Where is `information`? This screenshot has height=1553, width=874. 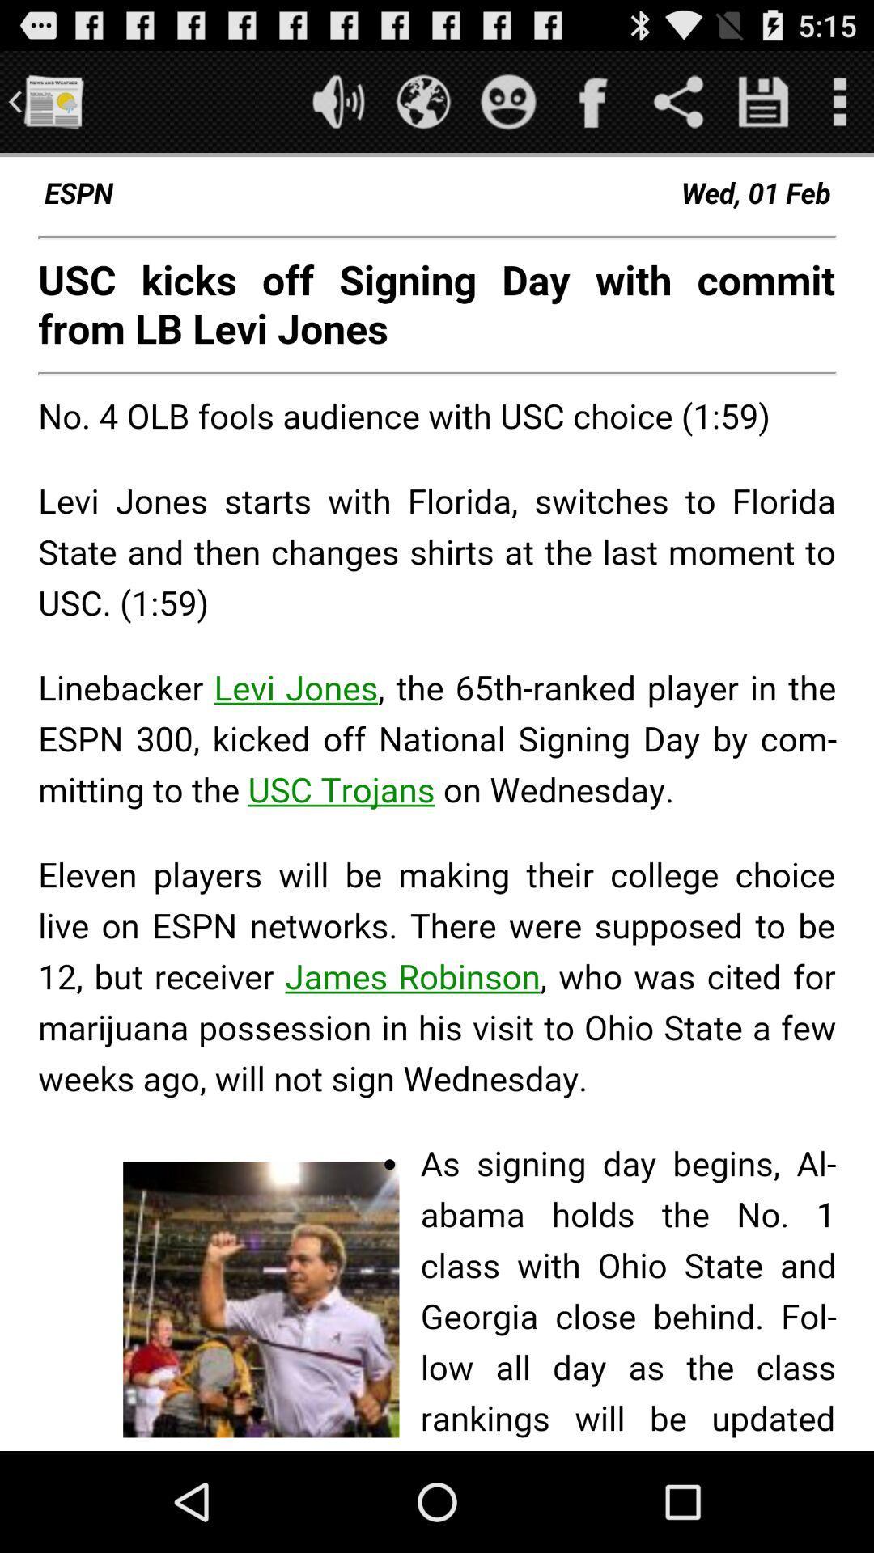
information is located at coordinates (763, 100).